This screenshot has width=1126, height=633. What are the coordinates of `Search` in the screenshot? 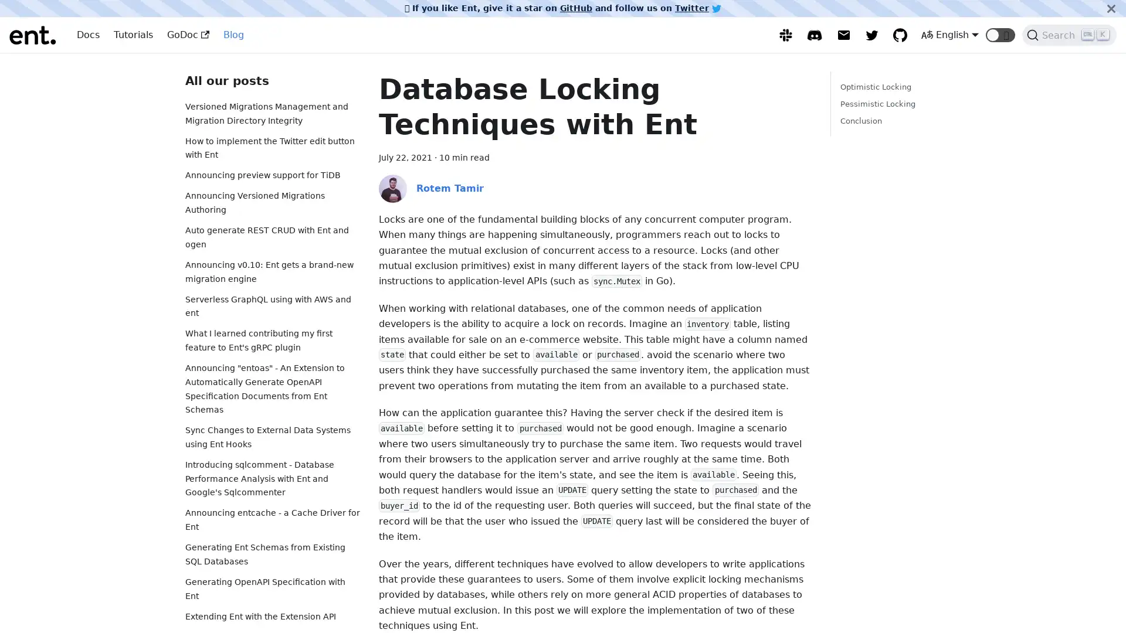 It's located at (1069, 35).